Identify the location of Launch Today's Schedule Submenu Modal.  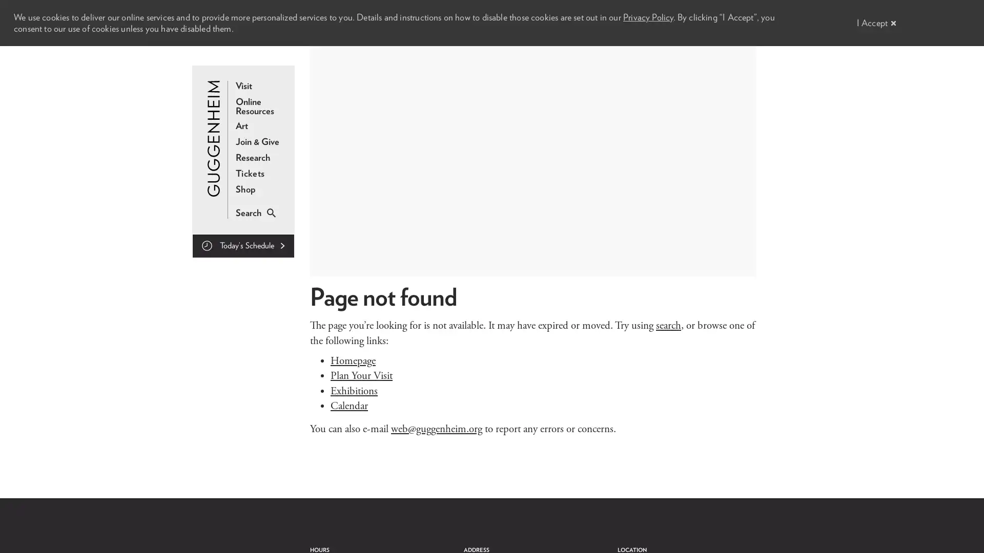
(243, 246).